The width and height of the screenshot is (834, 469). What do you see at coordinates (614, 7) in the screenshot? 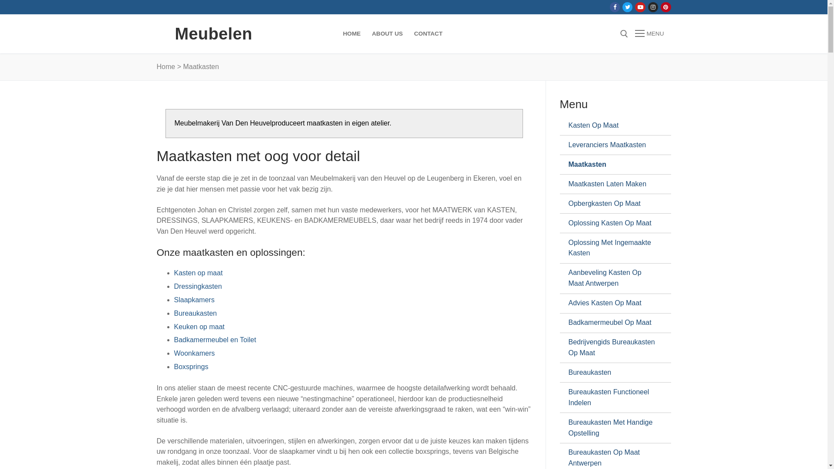
I see `'Facebook'` at bounding box center [614, 7].